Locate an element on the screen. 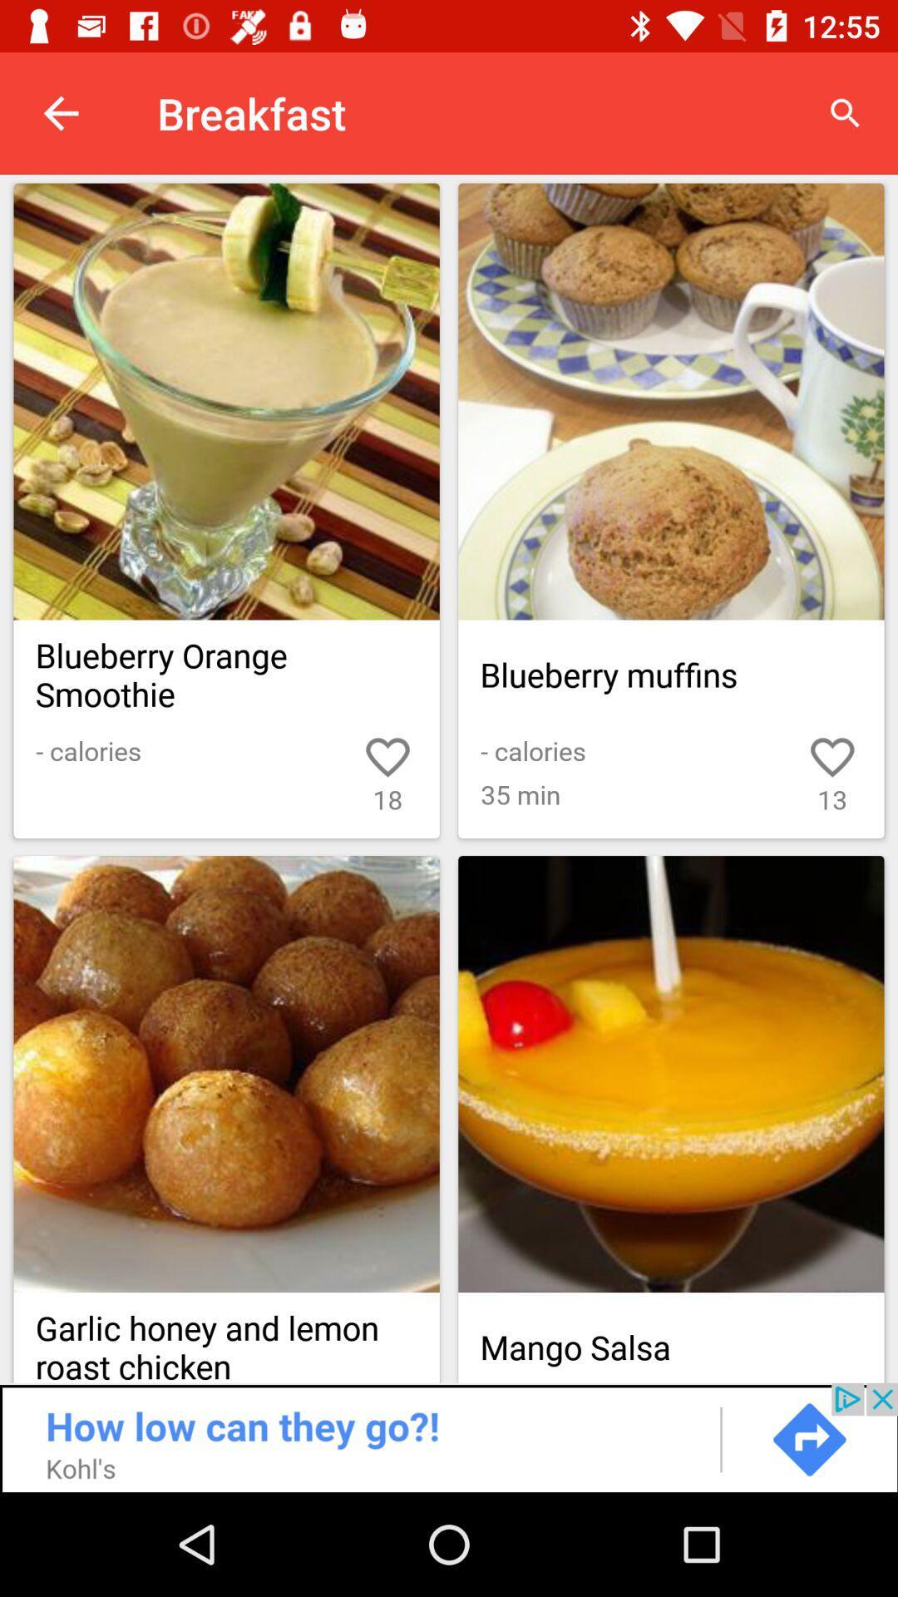  blueberry muffins is located at coordinates (670, 402).